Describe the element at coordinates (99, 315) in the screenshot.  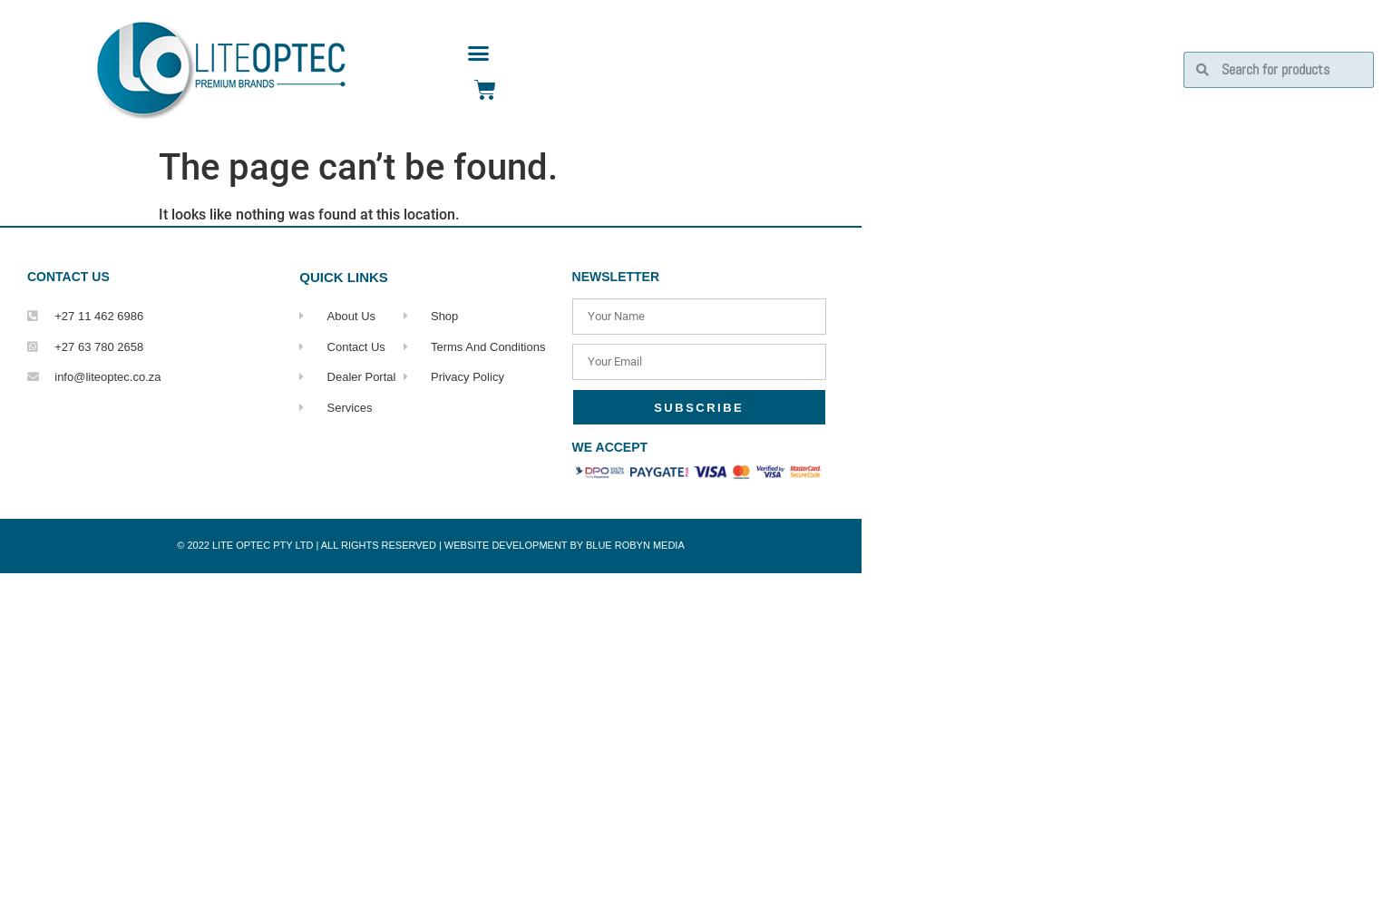
I see `'+27 11 462 6986'` at that location.